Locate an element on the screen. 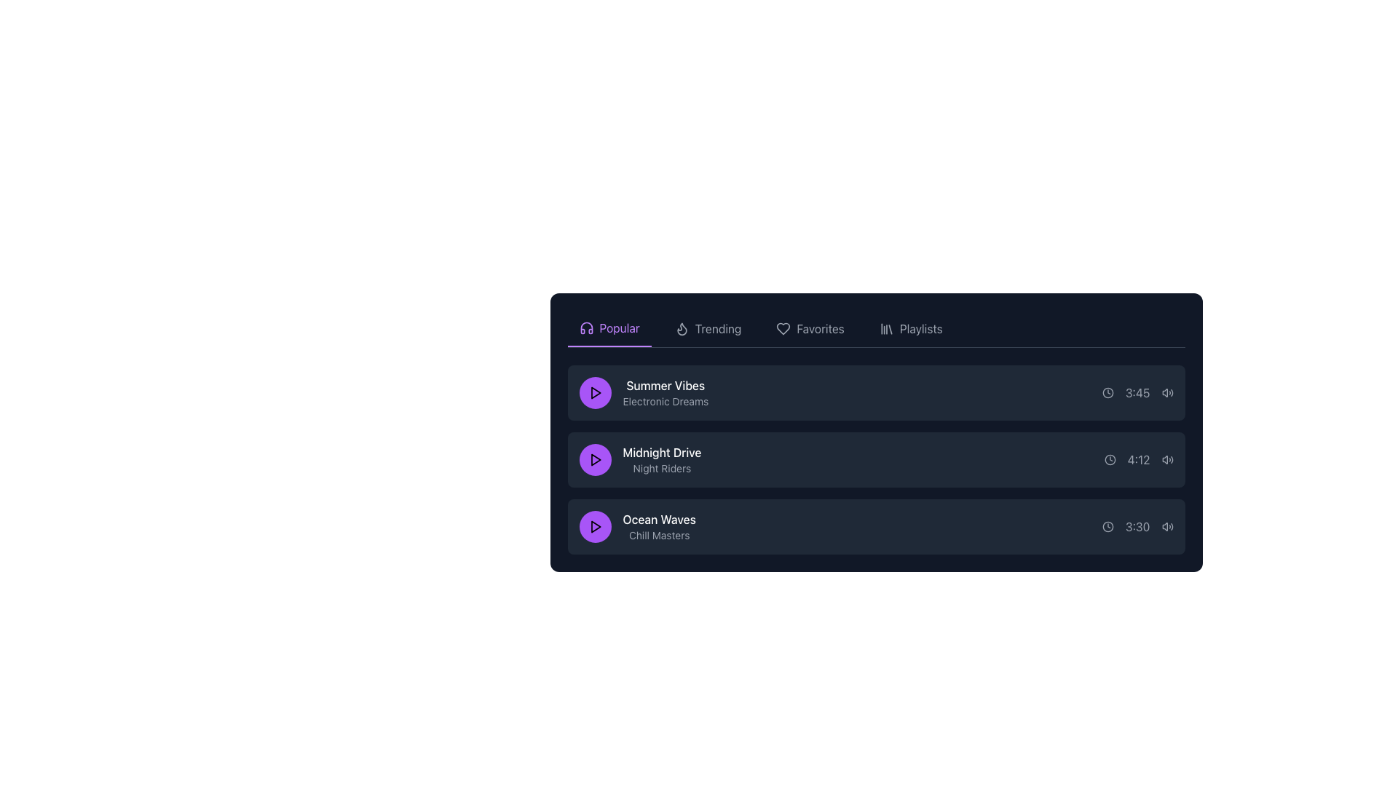 This screenshot has height=786, width=1398. the circular purple button with a play icon in the center is located at coordinates (595, 460).